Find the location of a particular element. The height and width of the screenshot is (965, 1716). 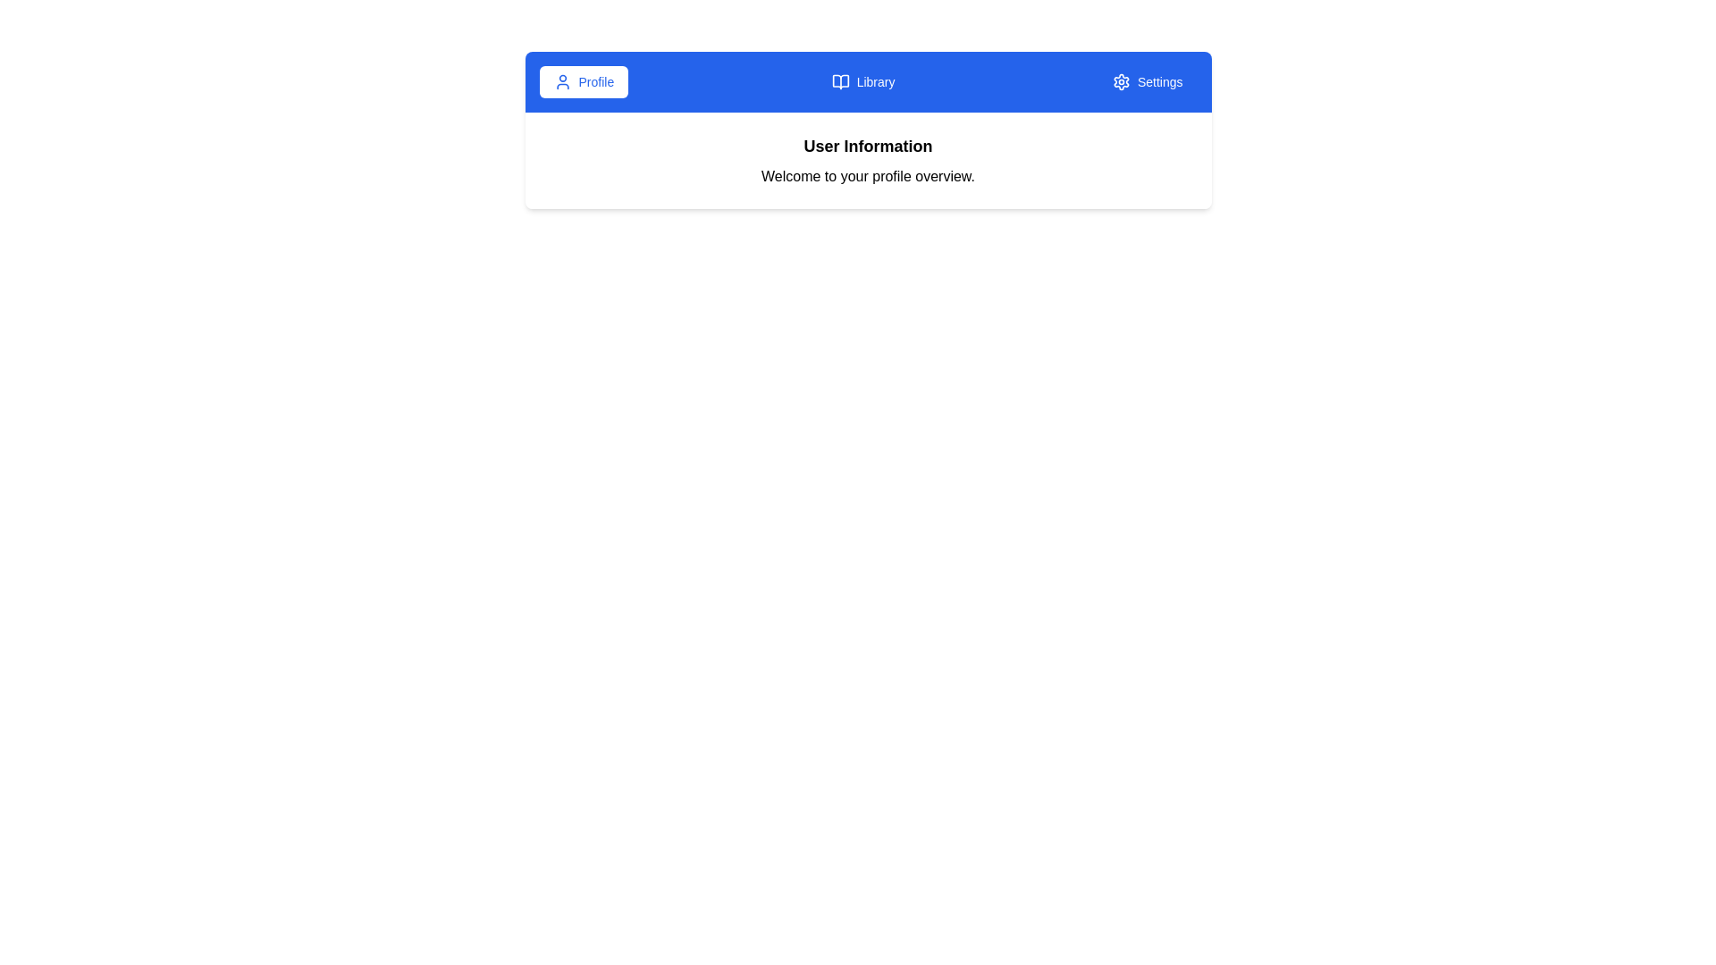

the 'Library' text label in the top navigation bar is located at coordinates (875, 82).